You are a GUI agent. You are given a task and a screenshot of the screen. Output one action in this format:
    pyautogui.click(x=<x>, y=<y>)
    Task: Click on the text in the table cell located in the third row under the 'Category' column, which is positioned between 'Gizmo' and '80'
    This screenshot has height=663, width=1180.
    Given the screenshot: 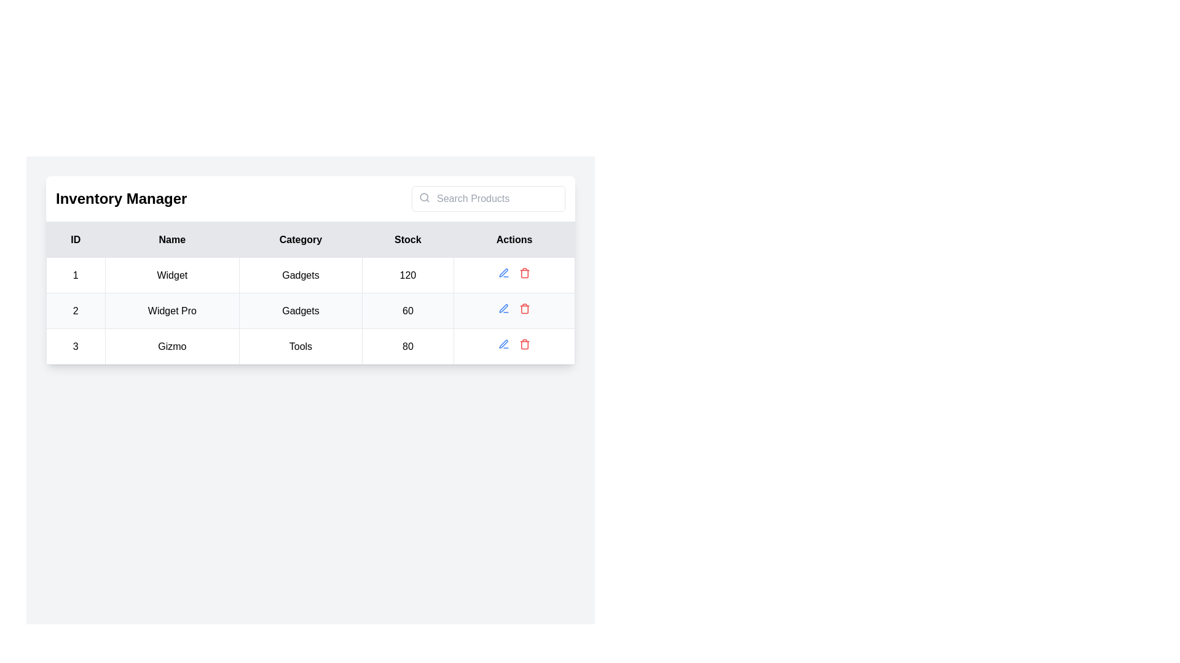 What is the action you would take?
    pyautogui.click(x=310, y=346)
    